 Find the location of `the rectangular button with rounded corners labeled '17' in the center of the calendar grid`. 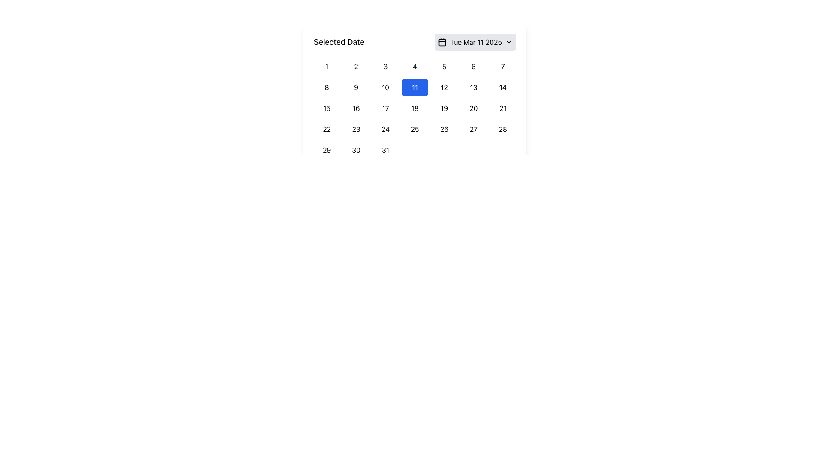

the rectangular button with rounded corners labeled '17' in the center of the calendar grid is located at coordinates (385, 108).